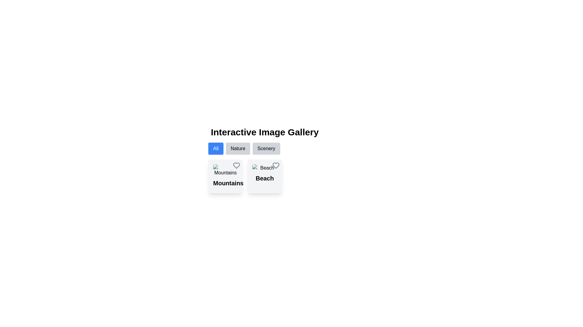 This screenshot has height=327, width=583. I want to click on the heart icon button located, so click(236, 166).